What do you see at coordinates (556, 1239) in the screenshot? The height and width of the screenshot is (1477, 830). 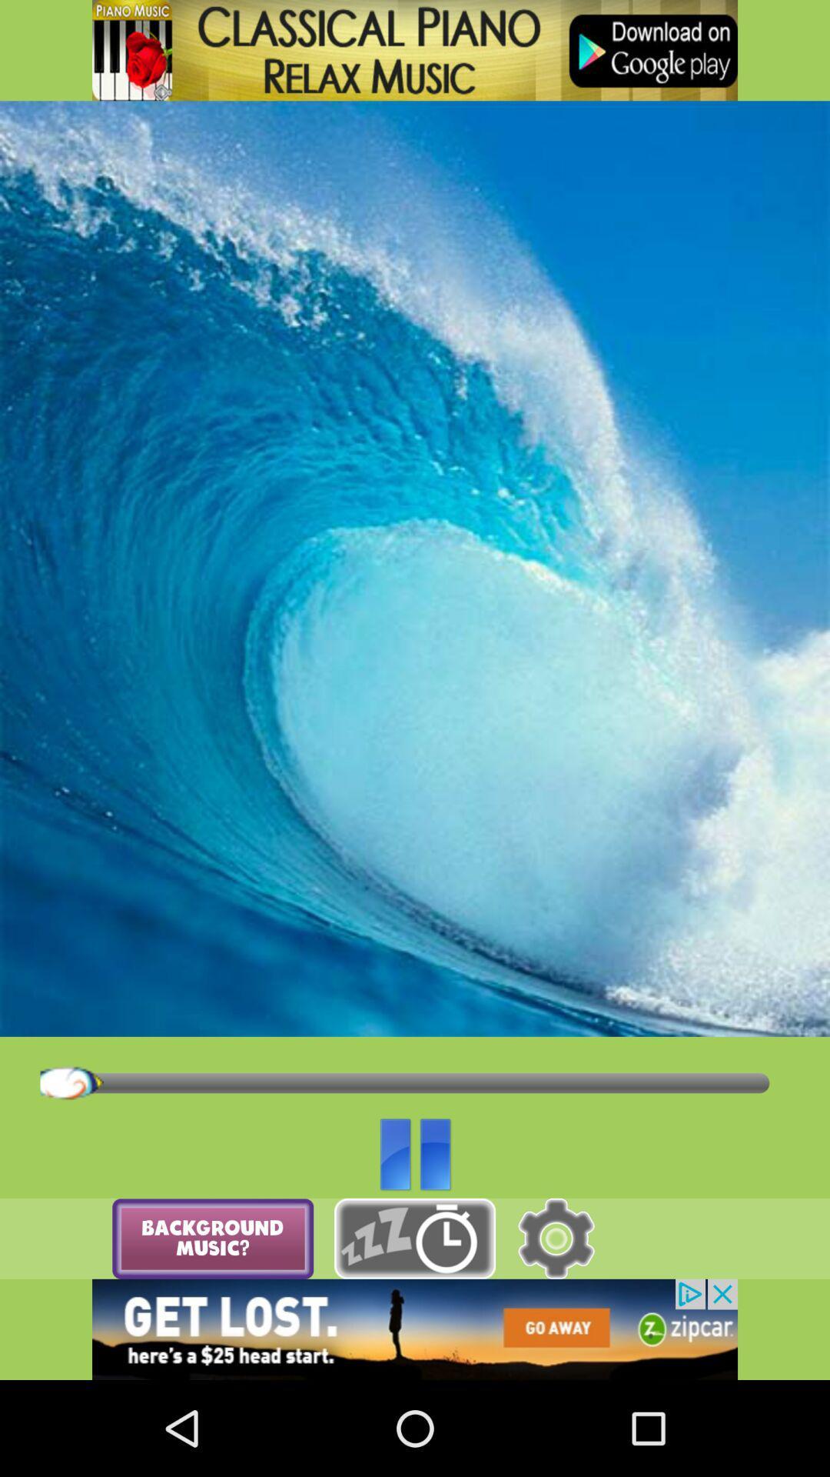 I see `settings icon` at bounding box center [556, 1239].